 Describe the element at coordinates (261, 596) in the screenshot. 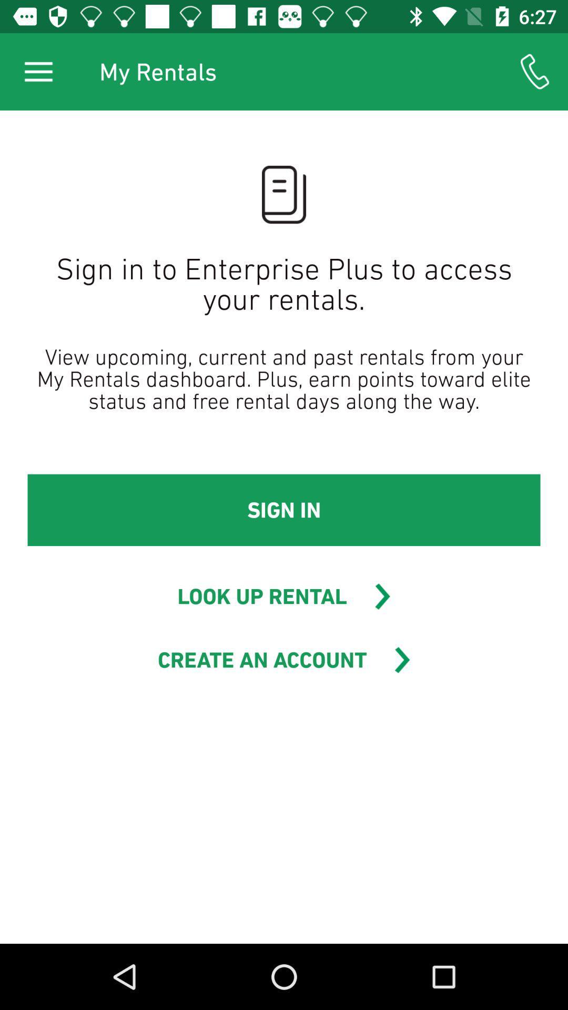

I see `the look up rental icon` at that location.